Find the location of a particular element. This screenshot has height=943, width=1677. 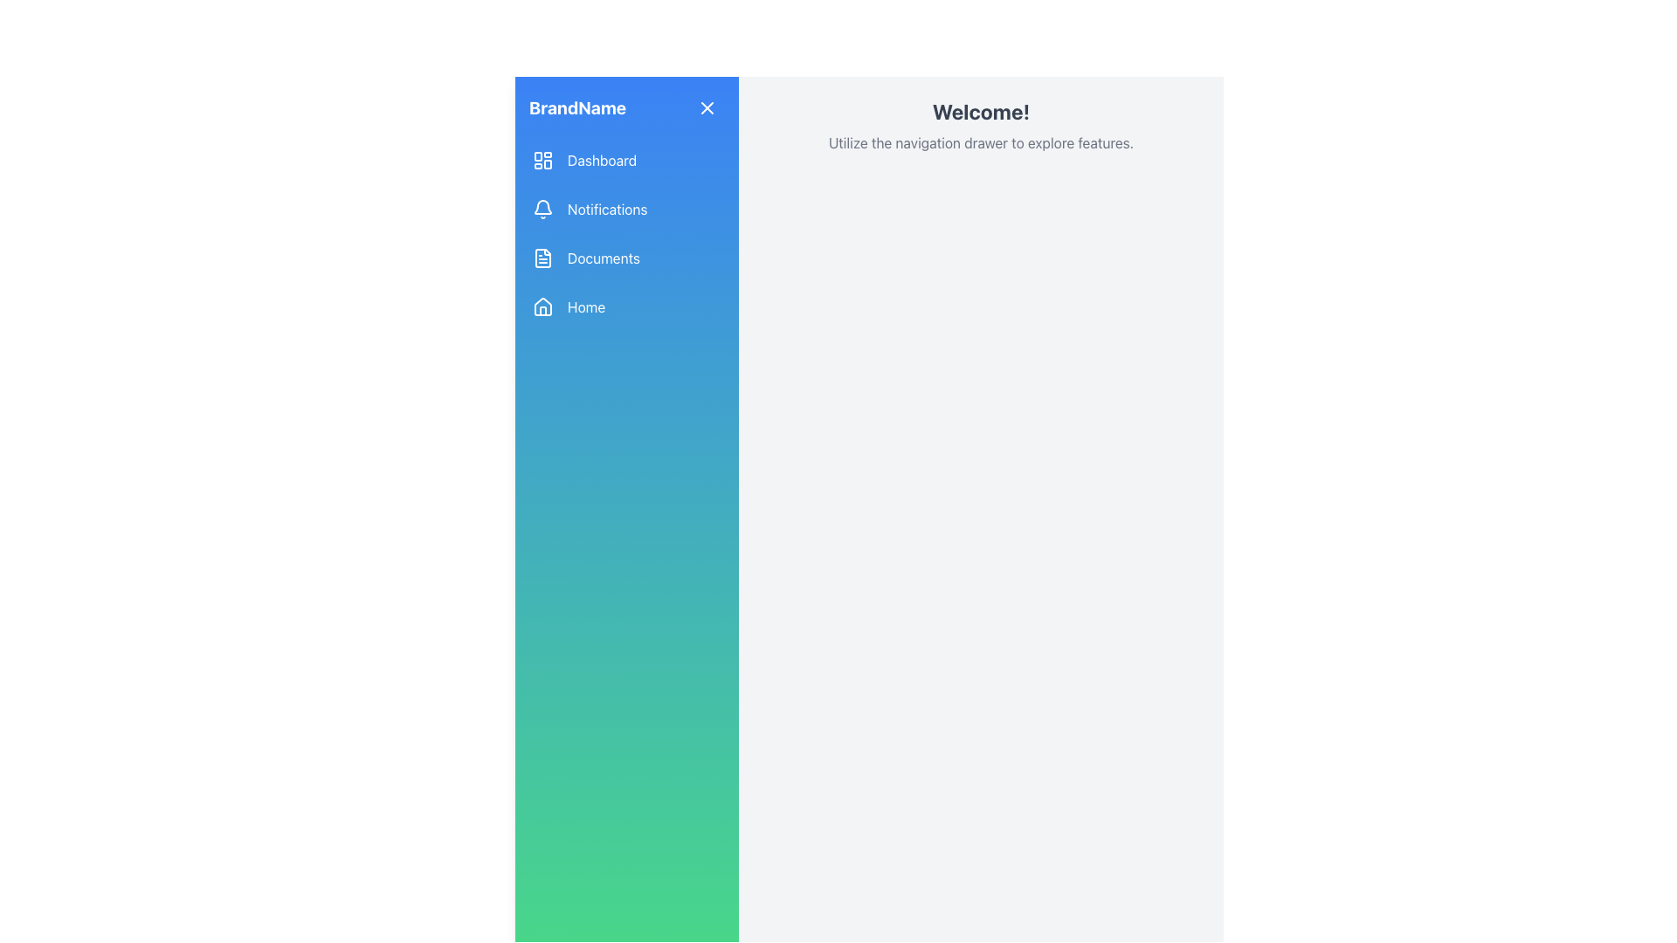

the 'Dashboard' button, which is the first entry in the vertical navigation menu located in the leftmost sidebar, featuring a blue background with white text and an icon representing a grid is located at coordinates (584, 161).